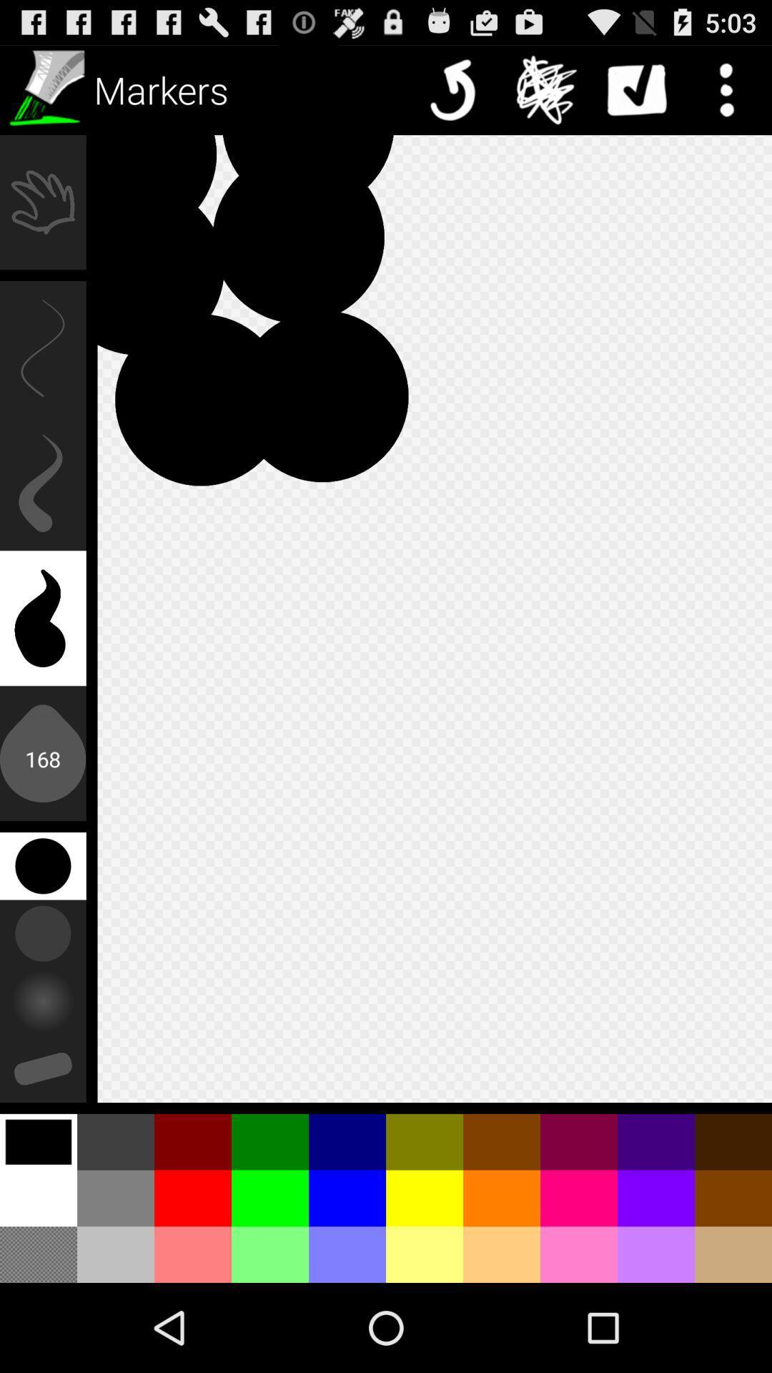 The height and width of the screenshot is (1373, 772). I want to click on the second image from right in last third row, so click(656, 1141).